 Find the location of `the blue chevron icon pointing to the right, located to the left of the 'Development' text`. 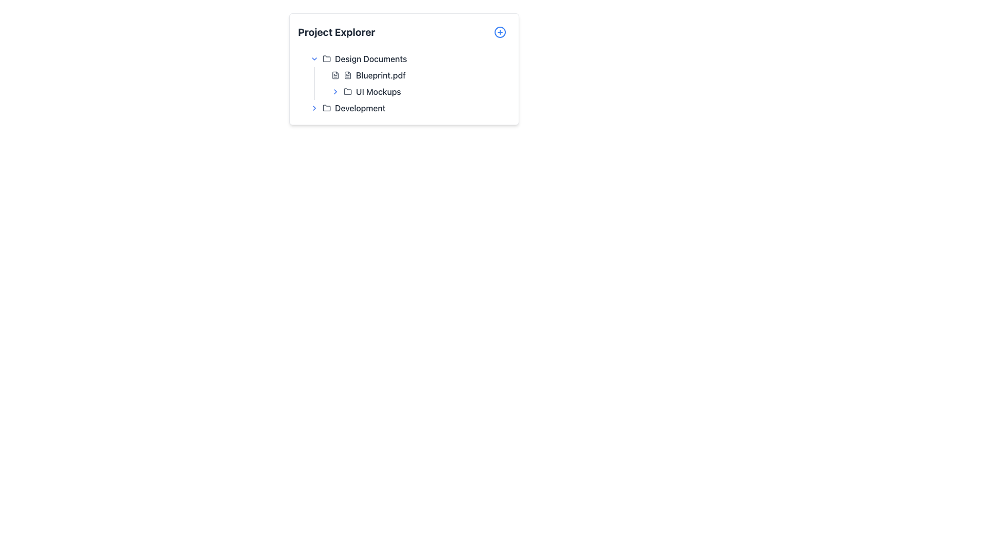

the blue chevron icon pointing to the right, located to the left of the 'Development' text is located at coordinates (314, 108).